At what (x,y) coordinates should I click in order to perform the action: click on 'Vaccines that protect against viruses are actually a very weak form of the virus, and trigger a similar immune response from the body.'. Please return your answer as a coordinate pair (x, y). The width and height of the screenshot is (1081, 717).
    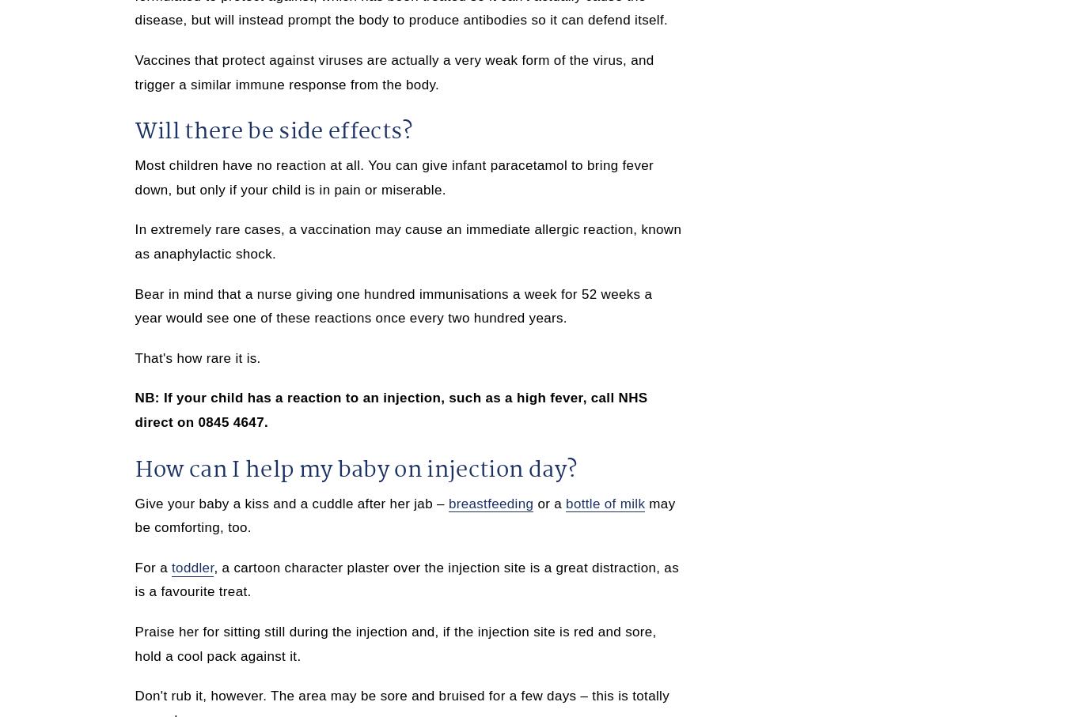
    Looking at the image, I should click on (394, 70).